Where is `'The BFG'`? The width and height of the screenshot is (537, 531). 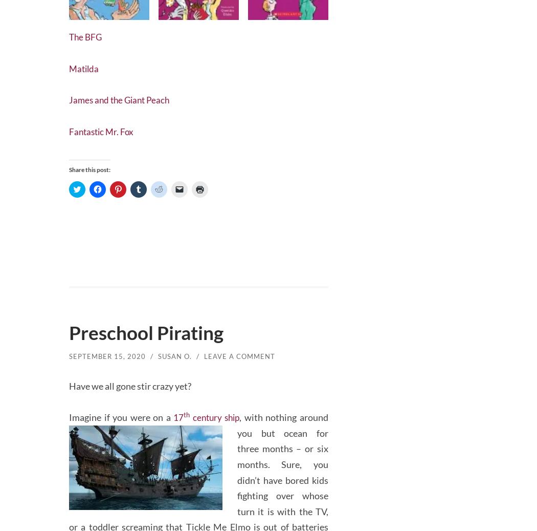
'The BFG' is located at coordinates (86, 34).